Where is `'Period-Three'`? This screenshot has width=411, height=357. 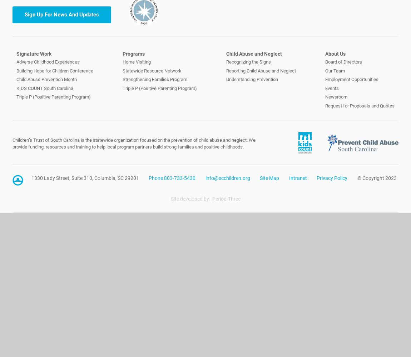 'Period-Three' is located at coordinates (226, 199).